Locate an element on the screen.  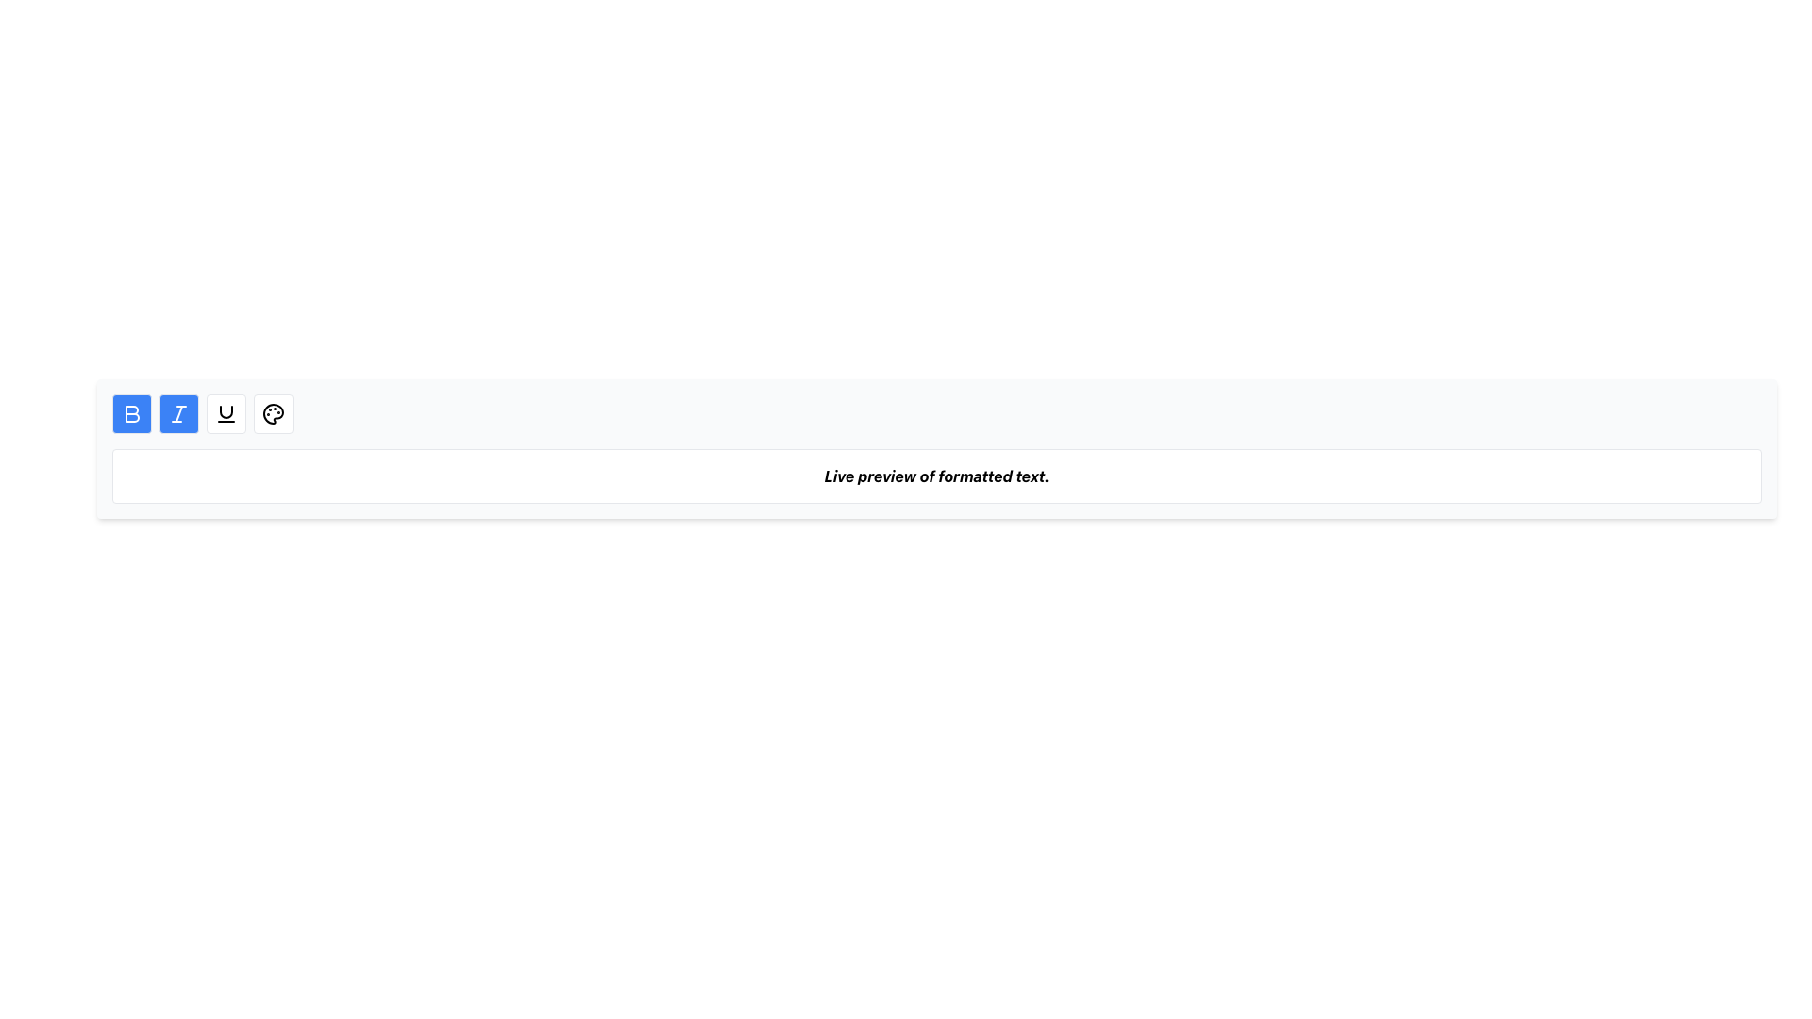
SVG structure of the main circular border of the palette icon, located in the toolbar area near the top-right corner of the interface is located at coordinates (272, 413).